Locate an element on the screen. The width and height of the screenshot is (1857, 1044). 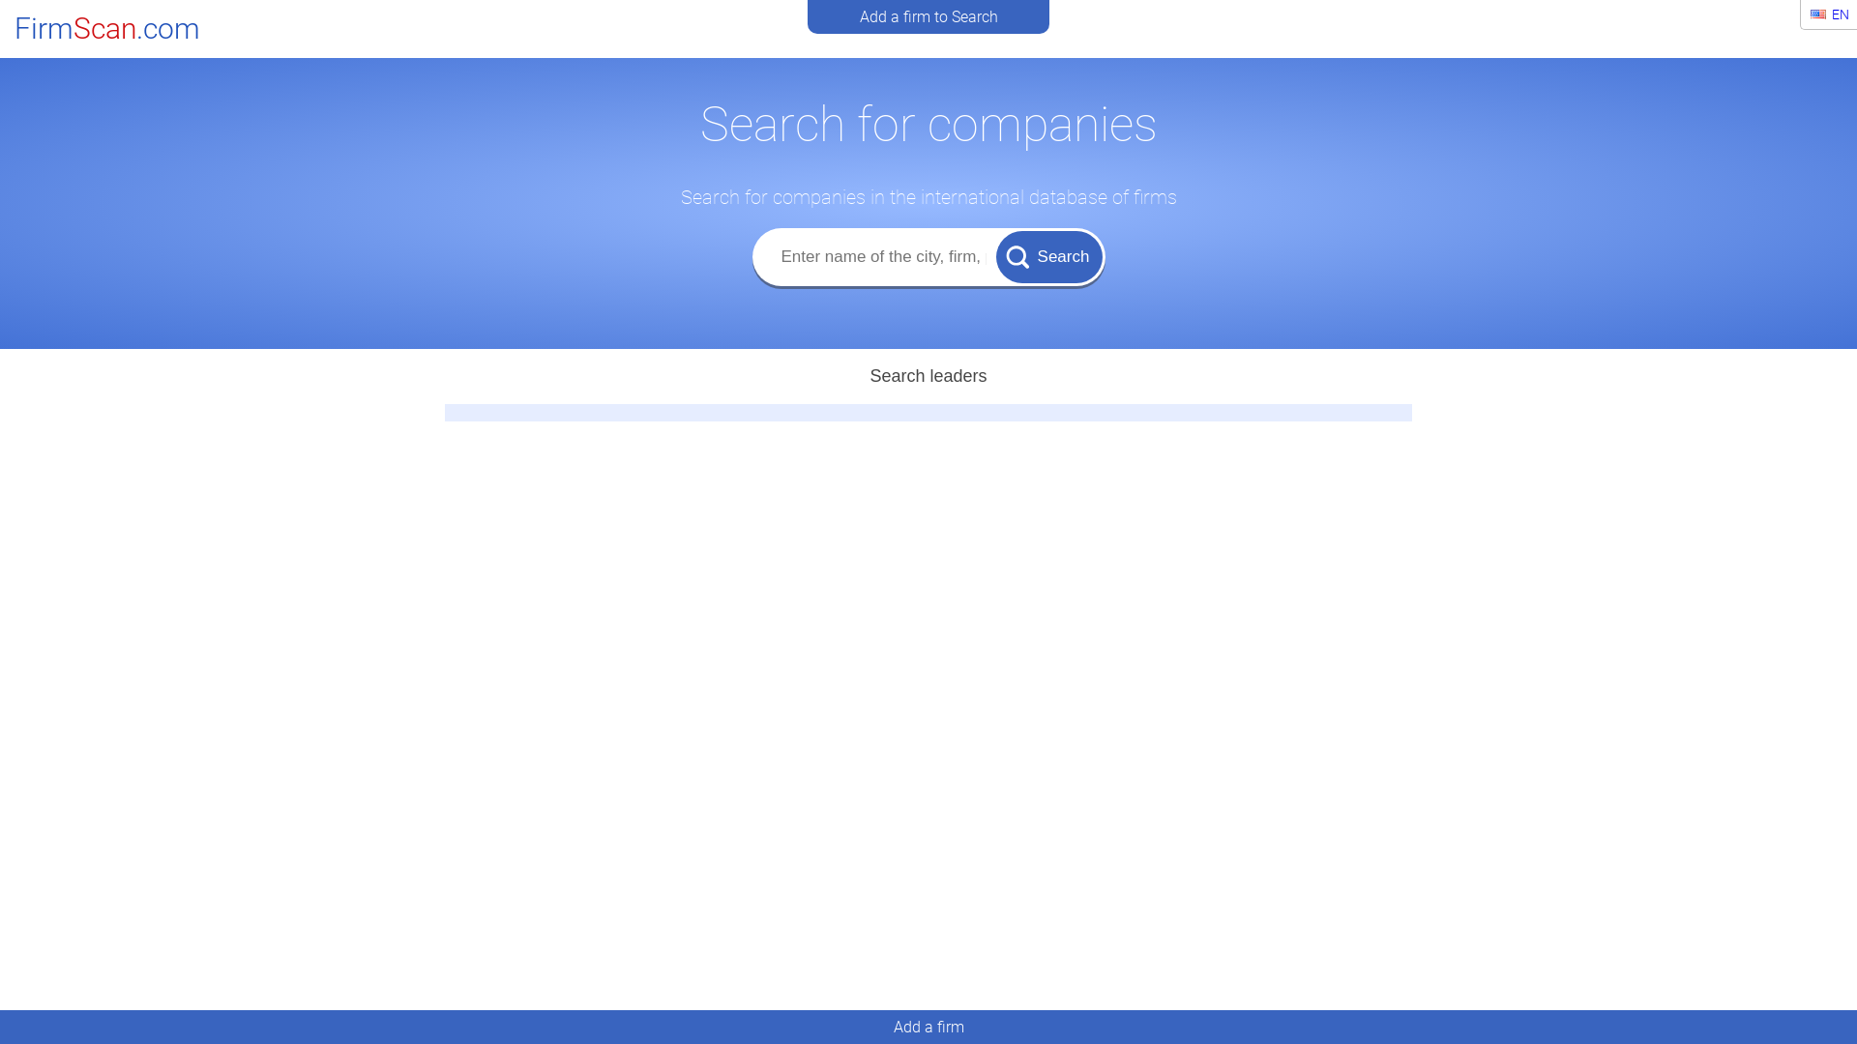
'EN' is located at coordinates (1801, 14).